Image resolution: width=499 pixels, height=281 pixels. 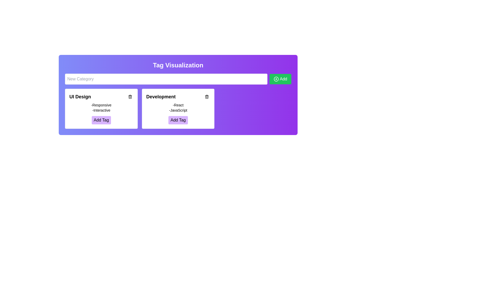 I want to click on the trash can icon button located to the right of the 'UI Design' title, so click(x=130, y=97).